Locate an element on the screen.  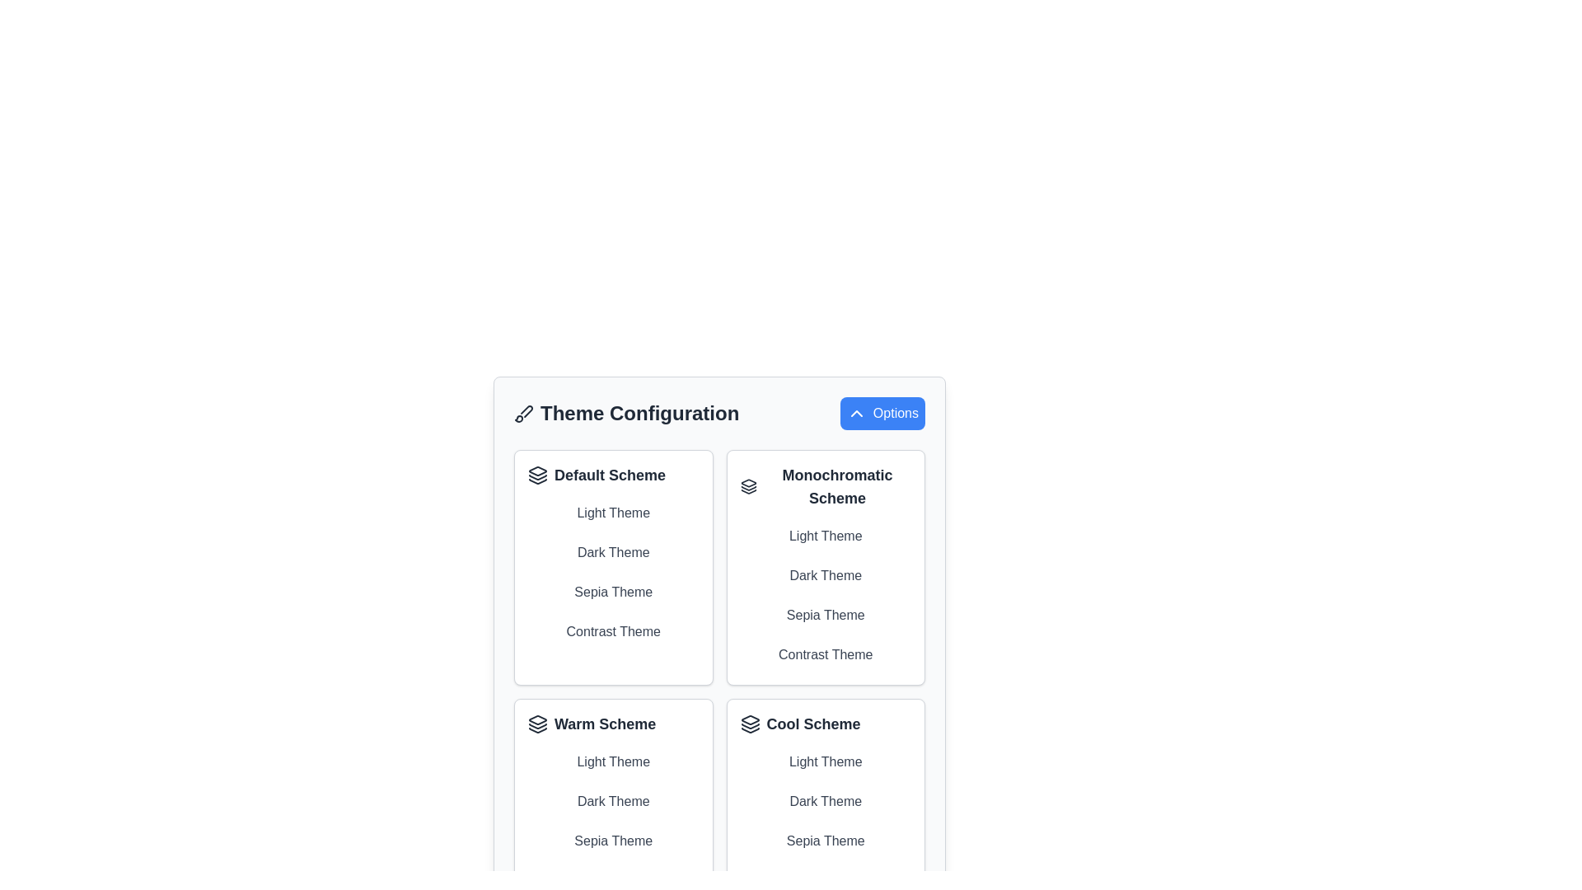
the 'Dark Theme' text label located in the 'Default Scheme' section, which is the second option in a group of four items, positioned below the 'Light Theme' and above the 'Sepia Theme' is located at coordinates (612, 553).